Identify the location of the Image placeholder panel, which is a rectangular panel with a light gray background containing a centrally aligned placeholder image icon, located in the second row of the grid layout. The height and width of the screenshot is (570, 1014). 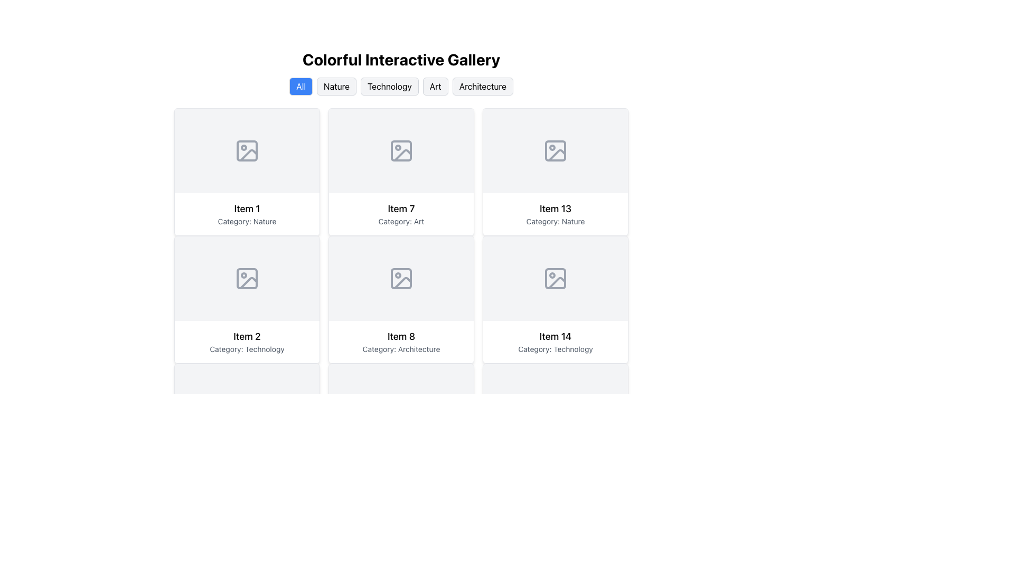
(400, 150).